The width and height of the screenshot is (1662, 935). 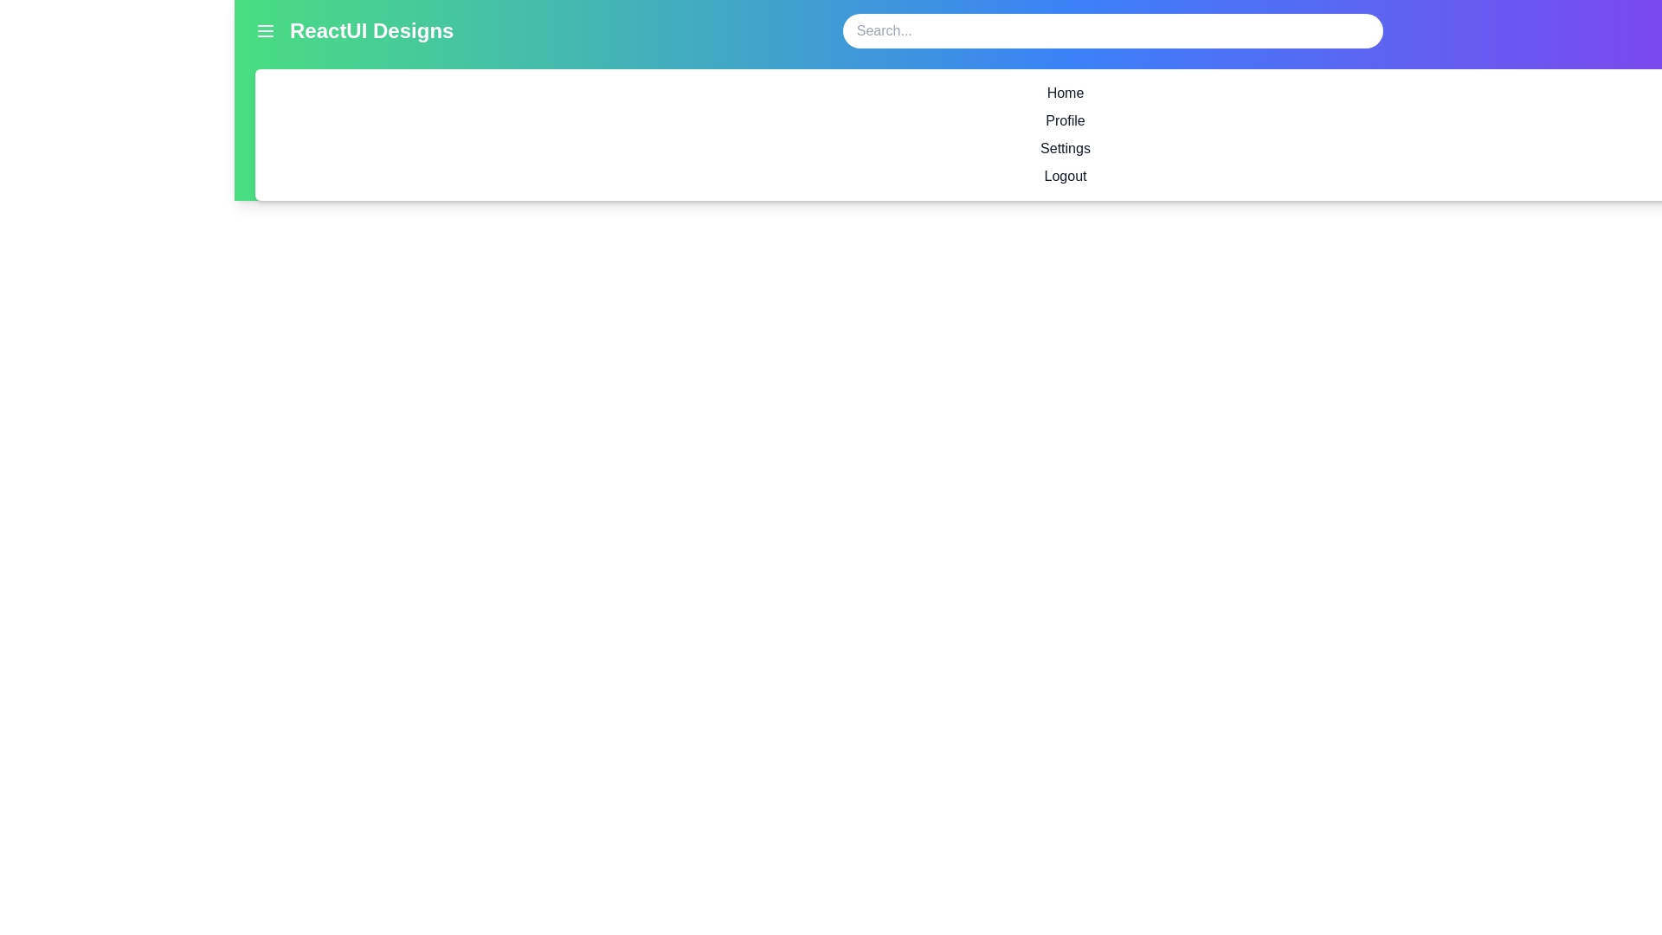 What do you see at coordinates (1064, 119) in the screenshot?
I see `the menu item Profile from the dropdown` at bounding box center [1064, 119].